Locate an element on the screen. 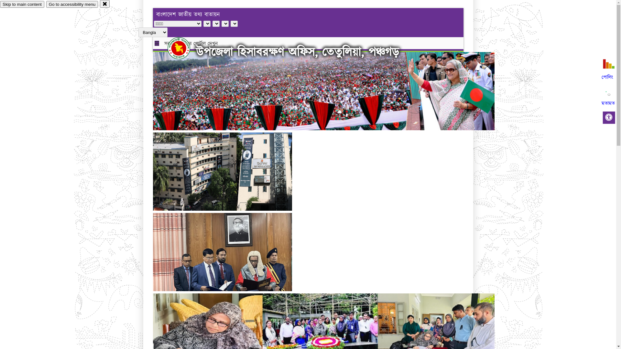  'Skip to main content' is located at coordinates (22, 4).